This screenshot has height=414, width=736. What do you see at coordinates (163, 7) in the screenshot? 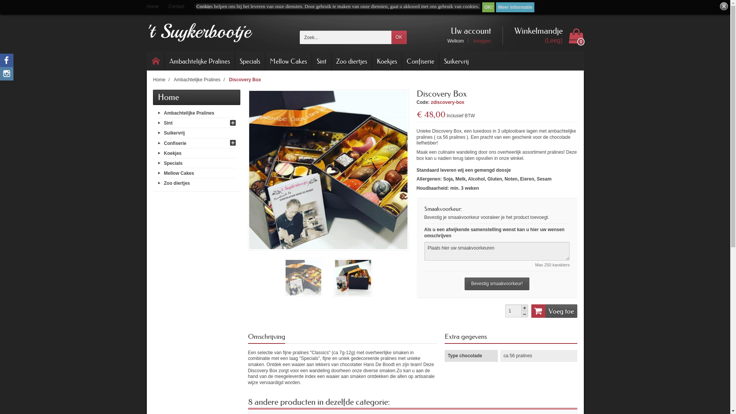
I see `'Contact'` at bounding box center [163, 7].